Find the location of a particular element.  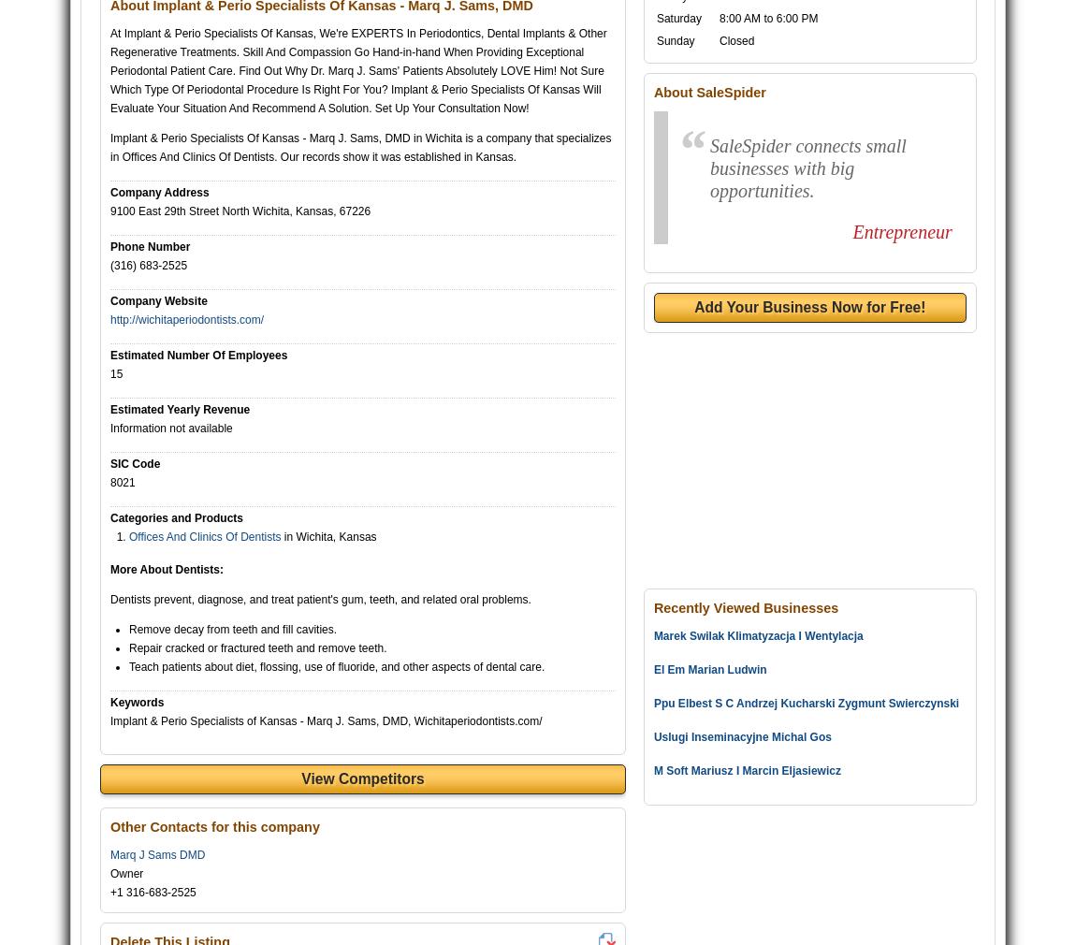

'Offices And Clinics Of Dentists' is located at coordinates (203, 535).